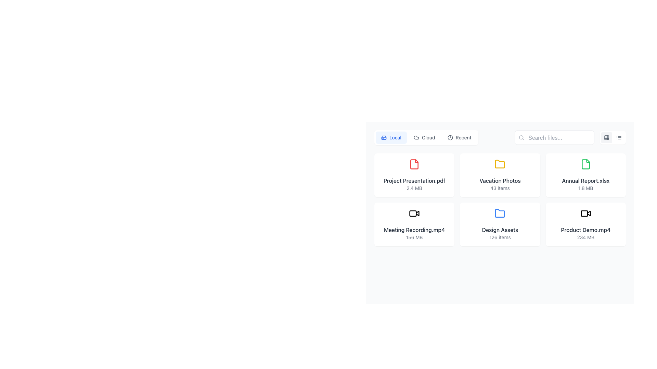  Describe the element at coordinates (414, 184) in the screenshot. I see `the label or text descriptor for a file, which provides information about the file's name and size, located in the top-left section of the document listing grid` at that location.